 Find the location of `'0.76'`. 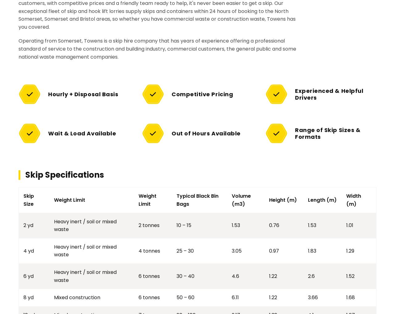

'0.76' is located at coordinates (274, 225).